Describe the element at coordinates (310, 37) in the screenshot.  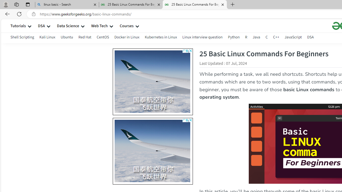
I see `'DSA'` at that location.